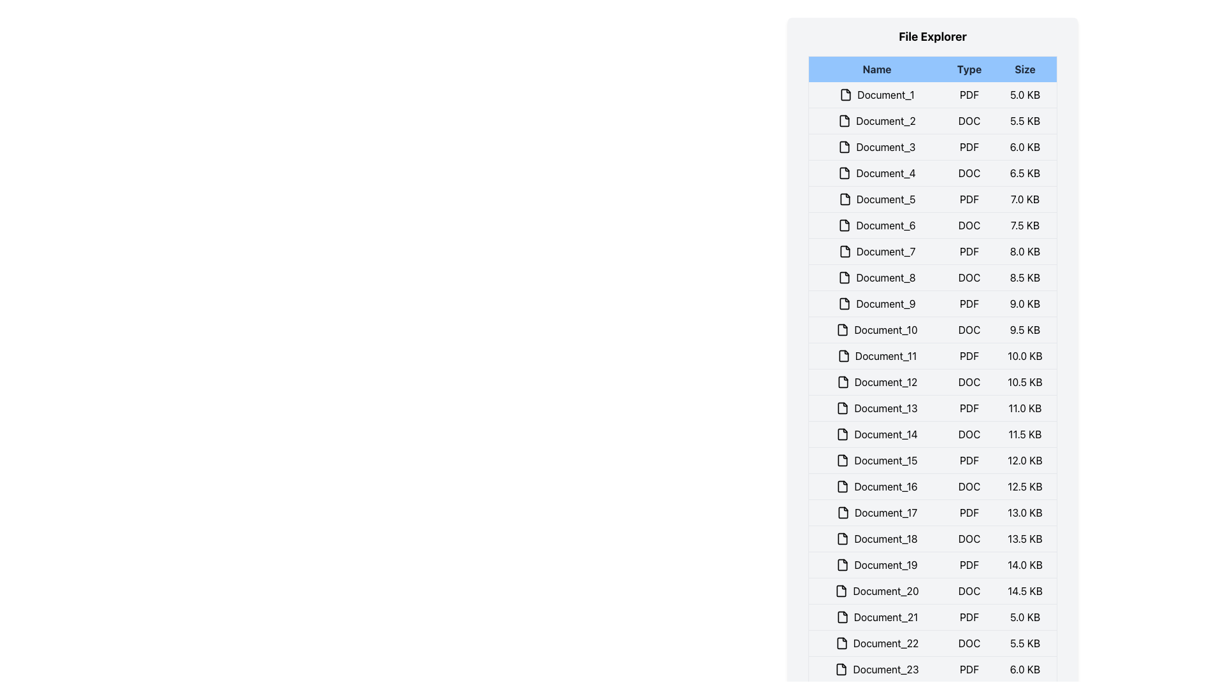 This screenshot has height=688, width=1223. I want to click on the text label 'Document_7' with an accompanying document icon, located in the leftmost section of a row in the 'File Explorer' panel, so click(876, 251).